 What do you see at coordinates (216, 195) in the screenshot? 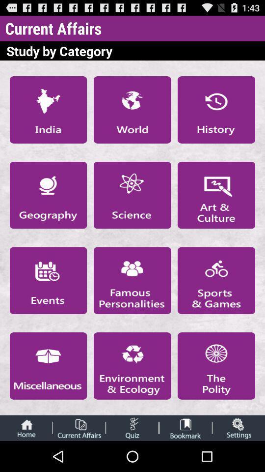
I see `art and culture` at bounding box center [216, 195].